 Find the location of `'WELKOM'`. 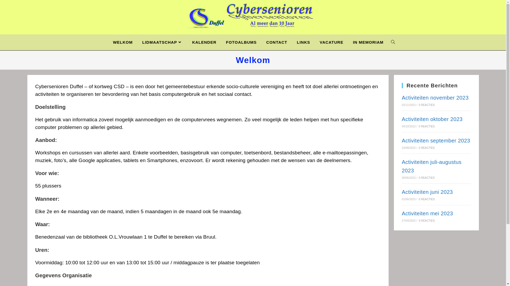

'WELKOM' is located at coordinates (122, 42).